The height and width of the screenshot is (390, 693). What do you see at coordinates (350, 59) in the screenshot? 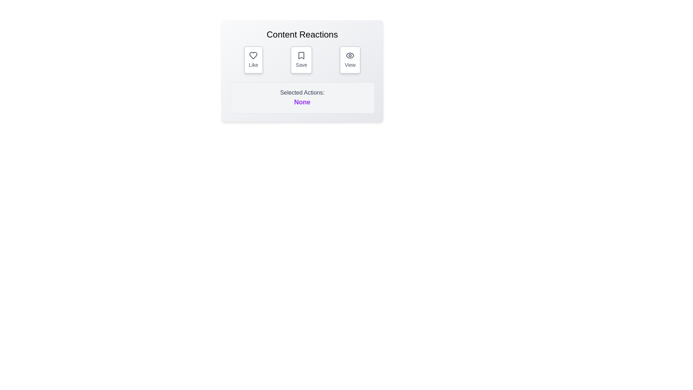
I see `the View button to trigger its action` at bounding box center [350, 59].